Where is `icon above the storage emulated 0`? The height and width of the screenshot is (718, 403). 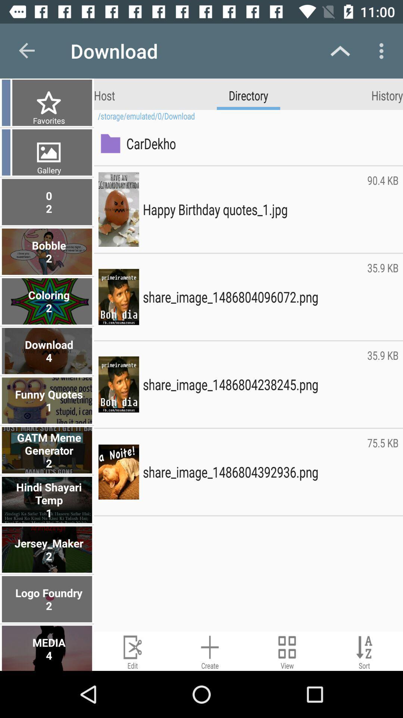
icon above the storage emulated 0 is located at coordinates (387, 95).